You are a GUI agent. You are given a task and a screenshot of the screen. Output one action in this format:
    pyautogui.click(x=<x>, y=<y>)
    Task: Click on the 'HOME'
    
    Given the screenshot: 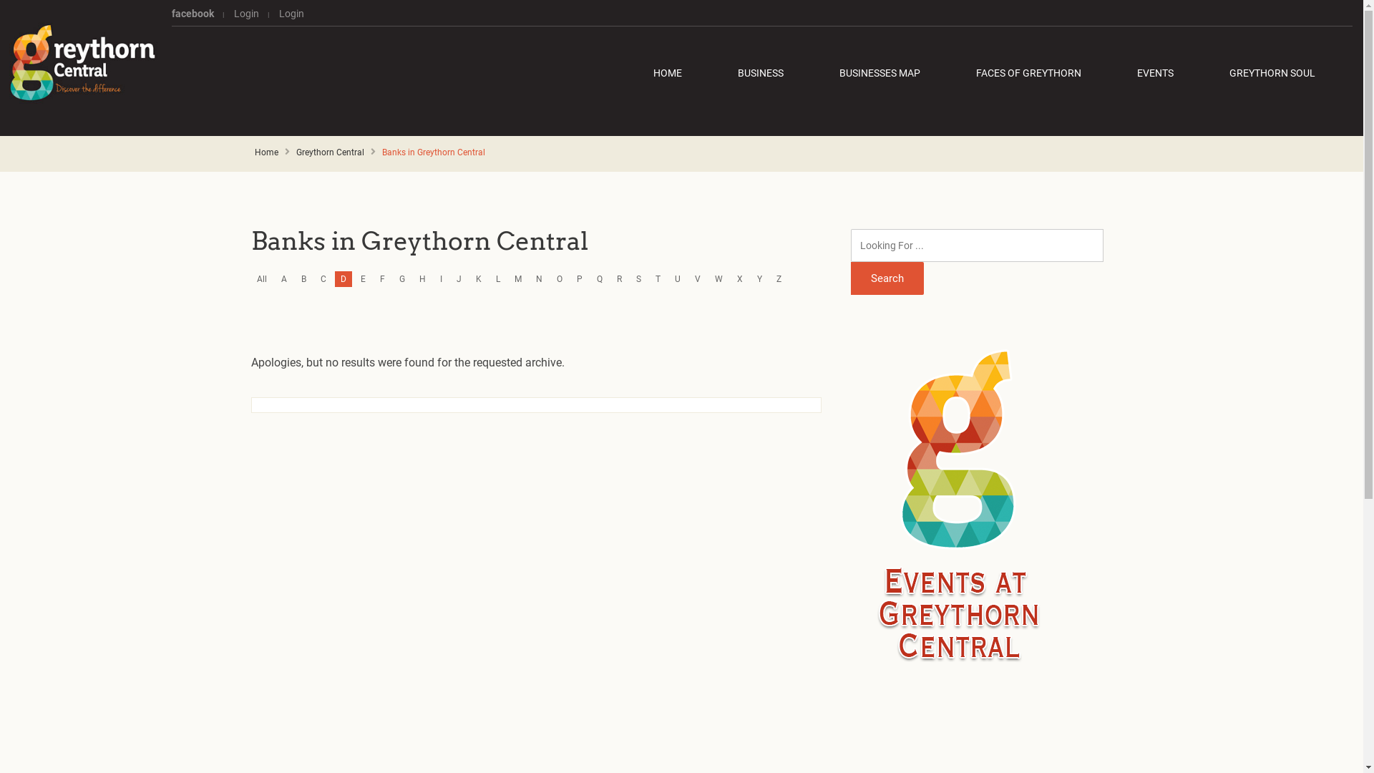 What is the action you would take?
    pyautogui.click(x=675, y=72)
    